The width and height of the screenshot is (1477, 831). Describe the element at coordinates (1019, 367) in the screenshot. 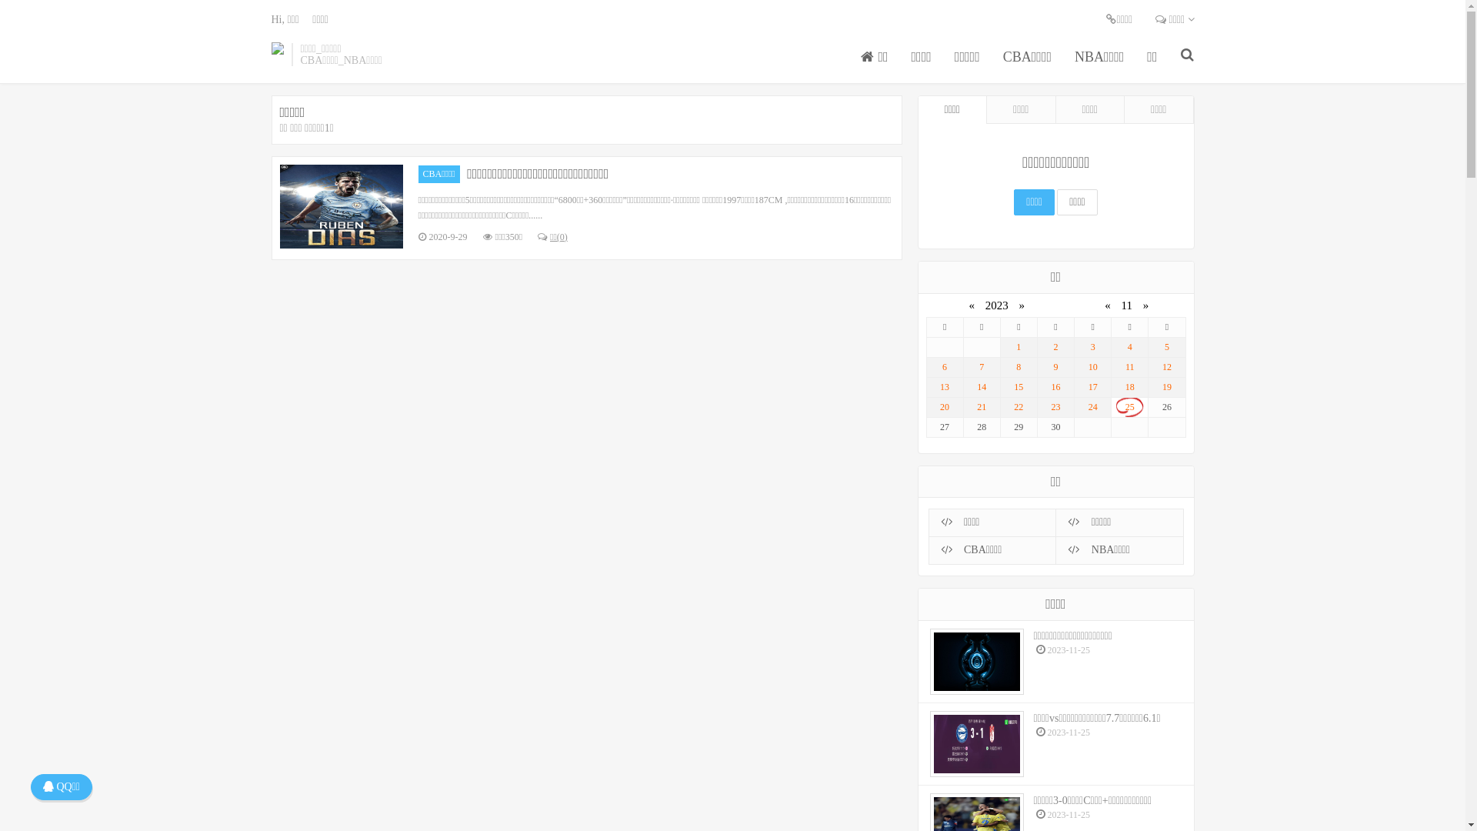

I see `'8'` at that location.